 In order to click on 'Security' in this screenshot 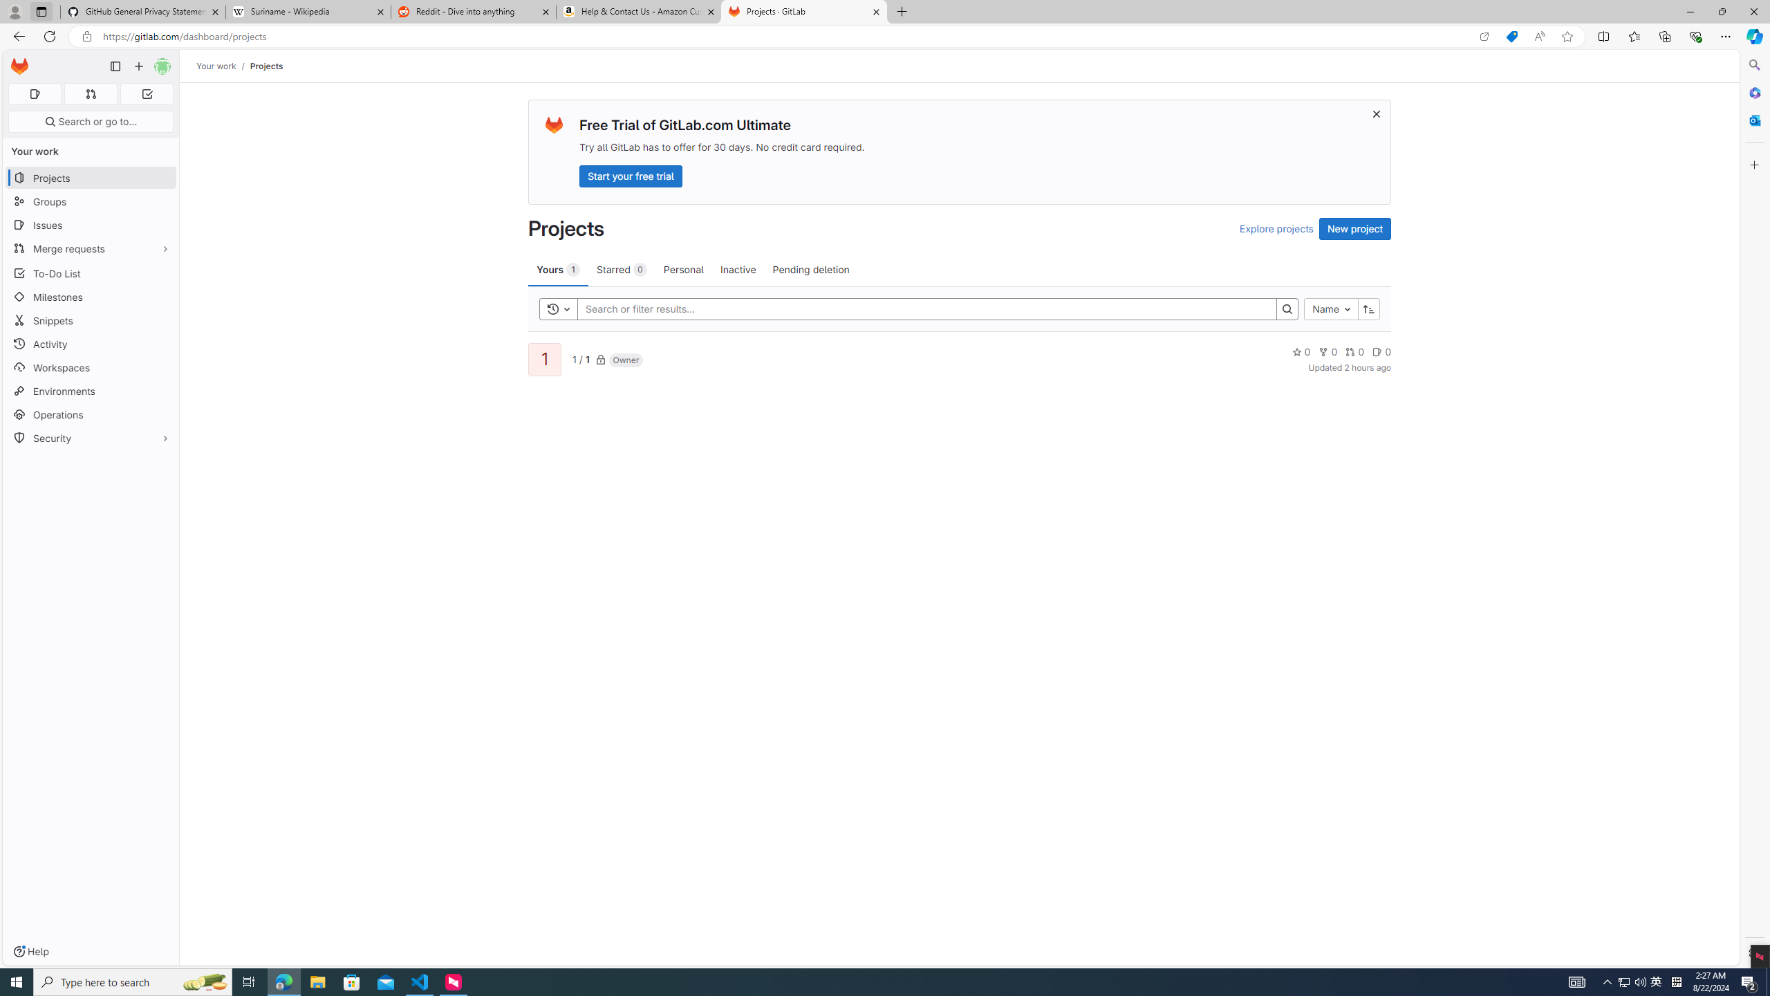, I will do `click(90, 436)`.